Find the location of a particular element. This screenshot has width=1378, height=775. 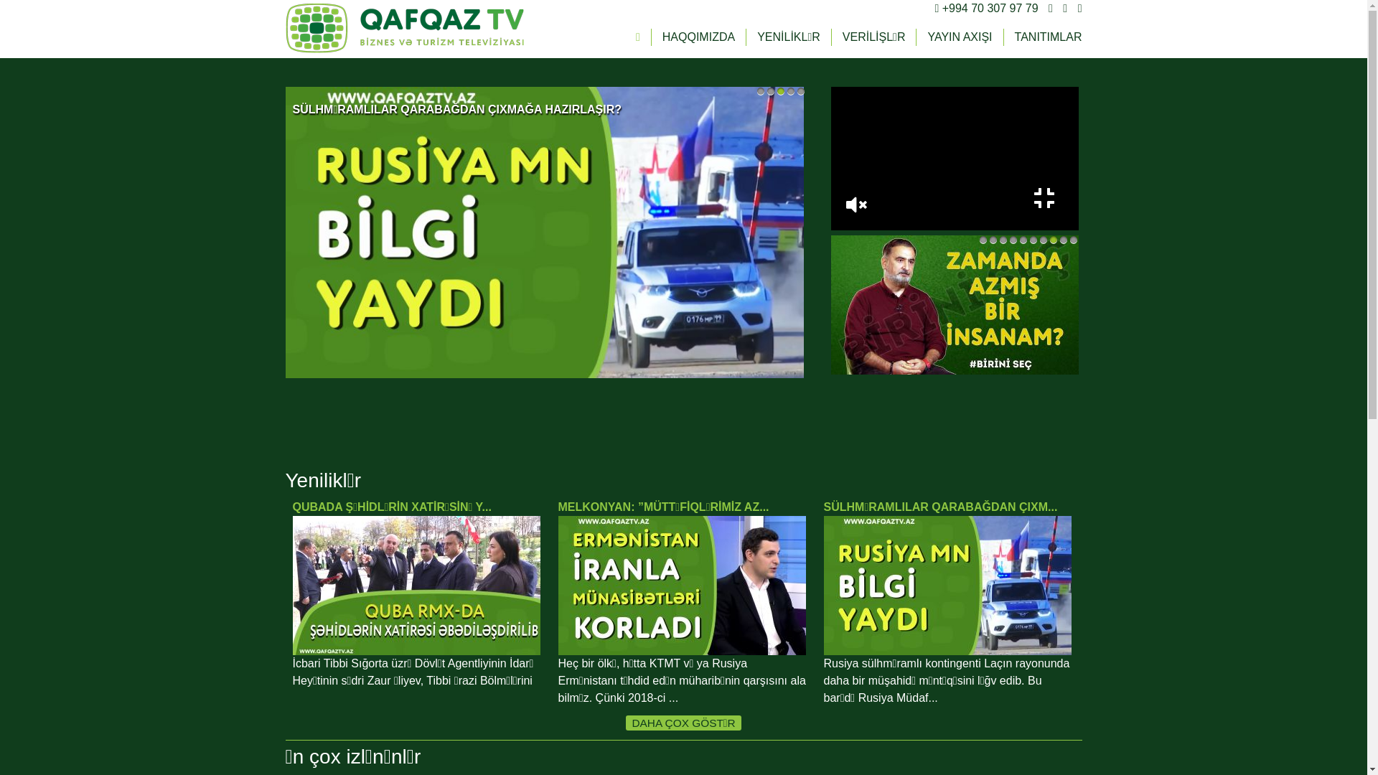

'5' is located at coordinates (1022, 239).